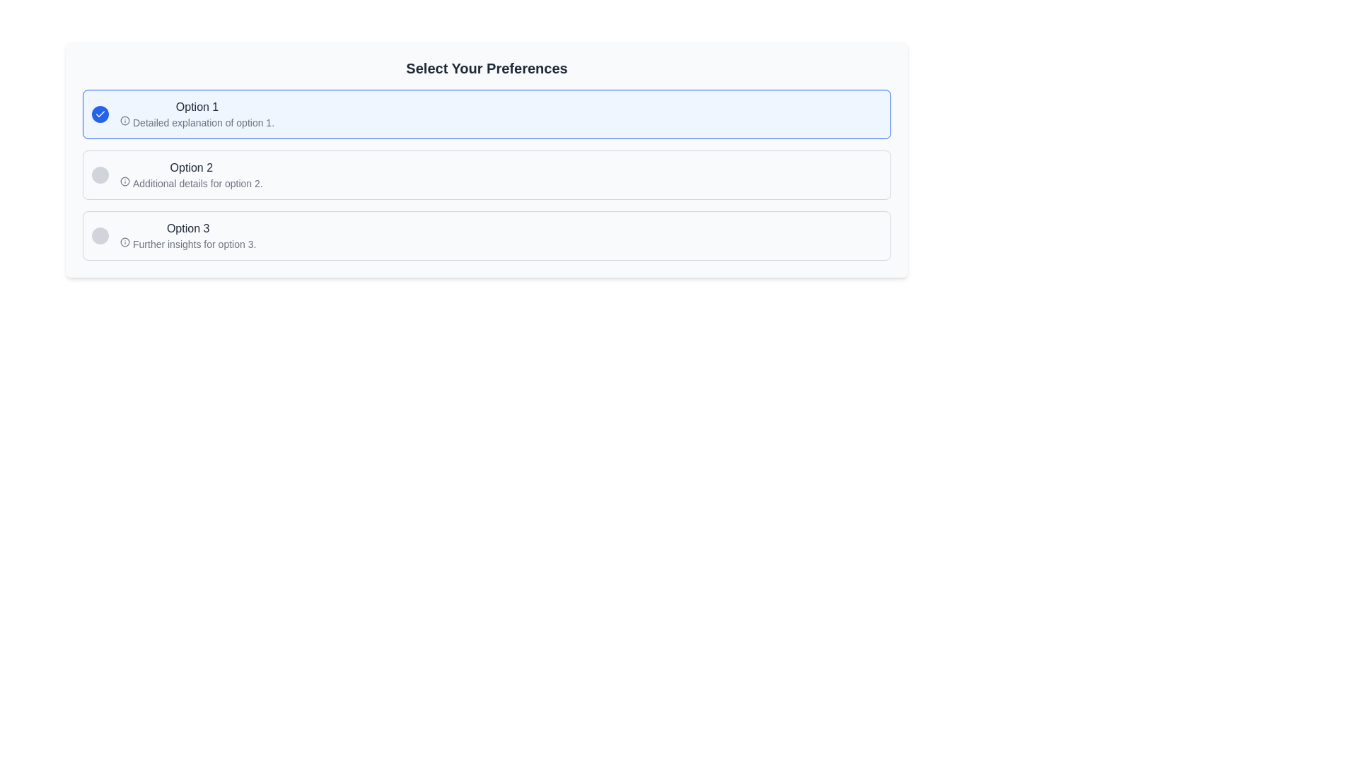 The height and width of the screenshot is (763, 1358). Describe the element at coordinates (100, 114) in the screenshot. I see `the selection state of the checkmark icon, which visually indicates the selected option for 'Option 1' in the list of selectable preferences` at that location.